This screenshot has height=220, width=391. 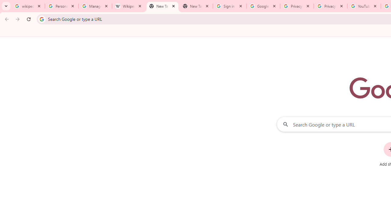 What do you see at coordinates (229, 6) in the screenshot?
I see `'Sign in - Google Accounts'` at bounding box center [229, 6].